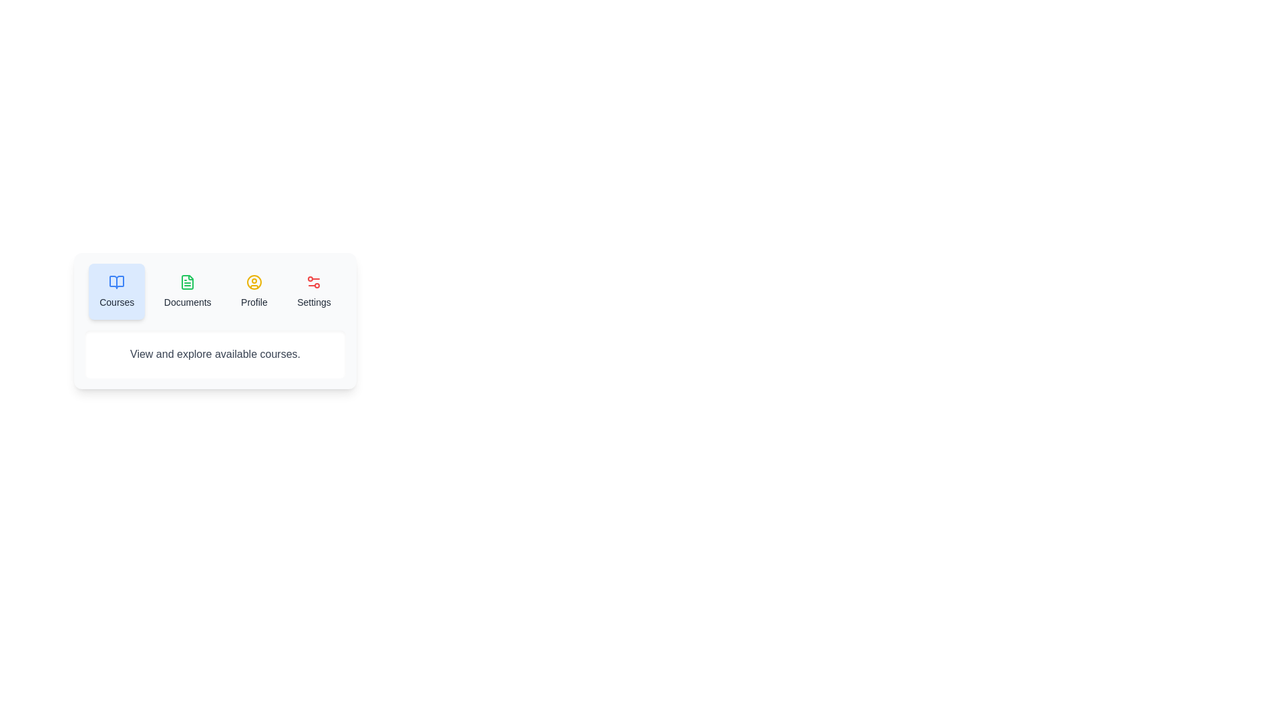  Describe the element at coordinates (187, 290) in the screenshot. I see `the tab labeled Documents to display its content` at that location.